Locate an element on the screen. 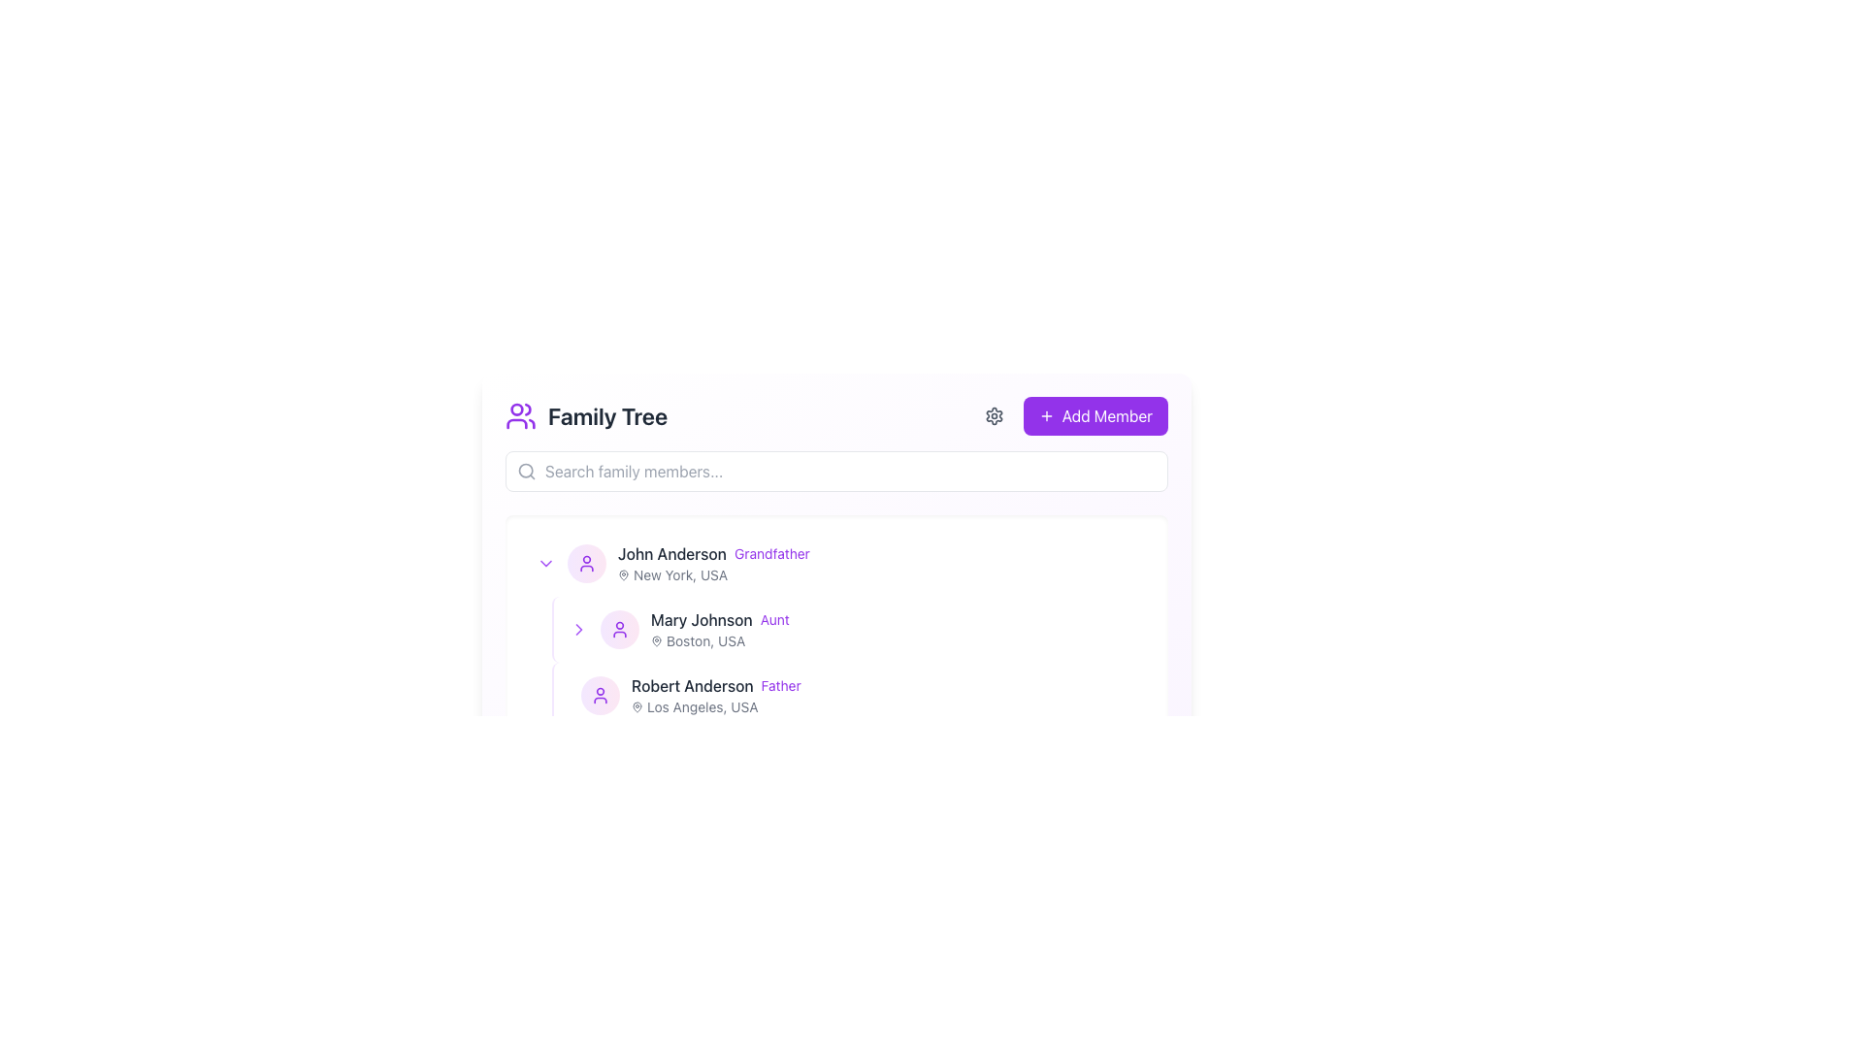  the text label displaying 'Aunt' under the 'John Anderson' entry in the family tree list is located at coordinates (895, 620).